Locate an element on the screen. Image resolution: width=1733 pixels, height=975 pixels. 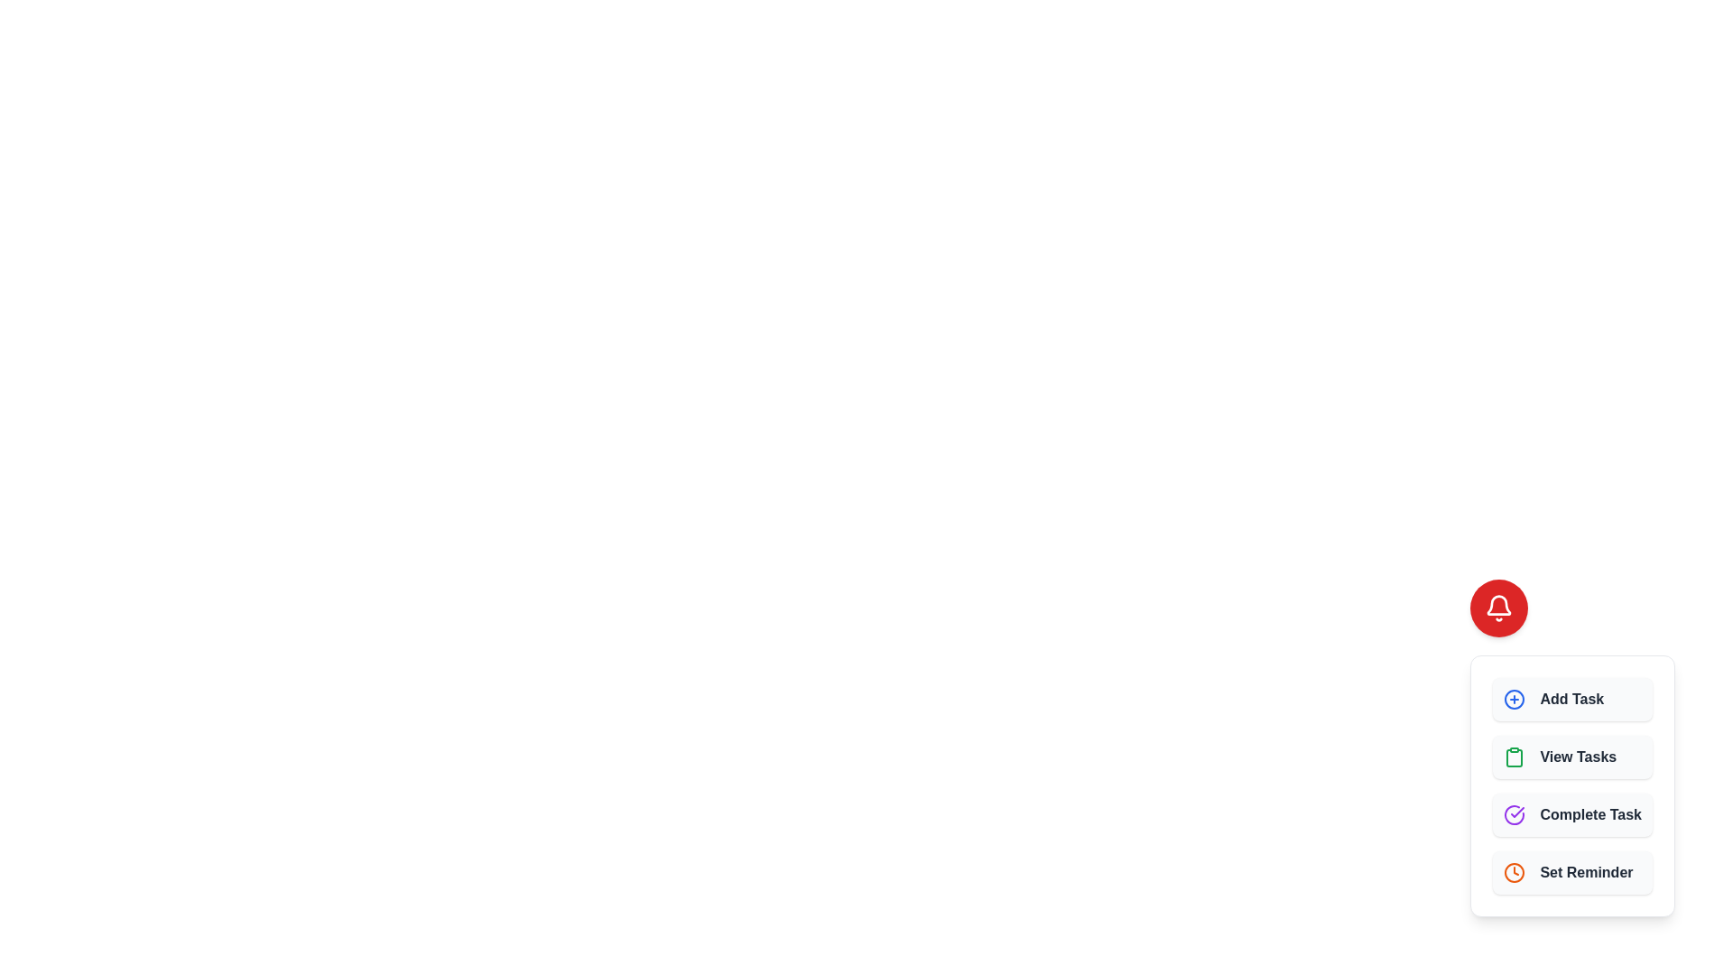
the main speed dial button to toggle the menu is located at coordinates (1499, 608).